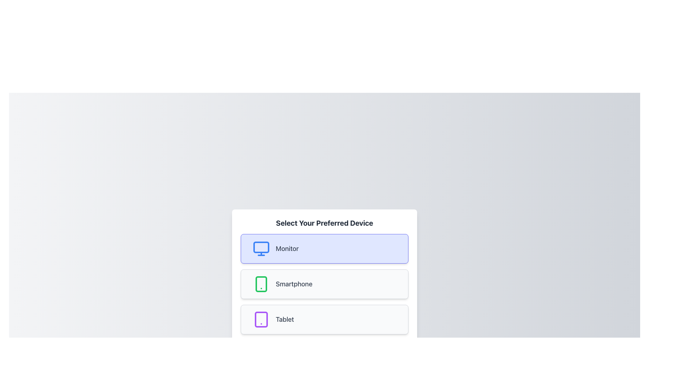 The image size is (694, 390). Describe the element at coordinates (261, 283) in the screenshot. I see `the decorative shape at the upper portion of the 'Smartphone' icon in the 'Select Your Preferred Device' list` at that location.